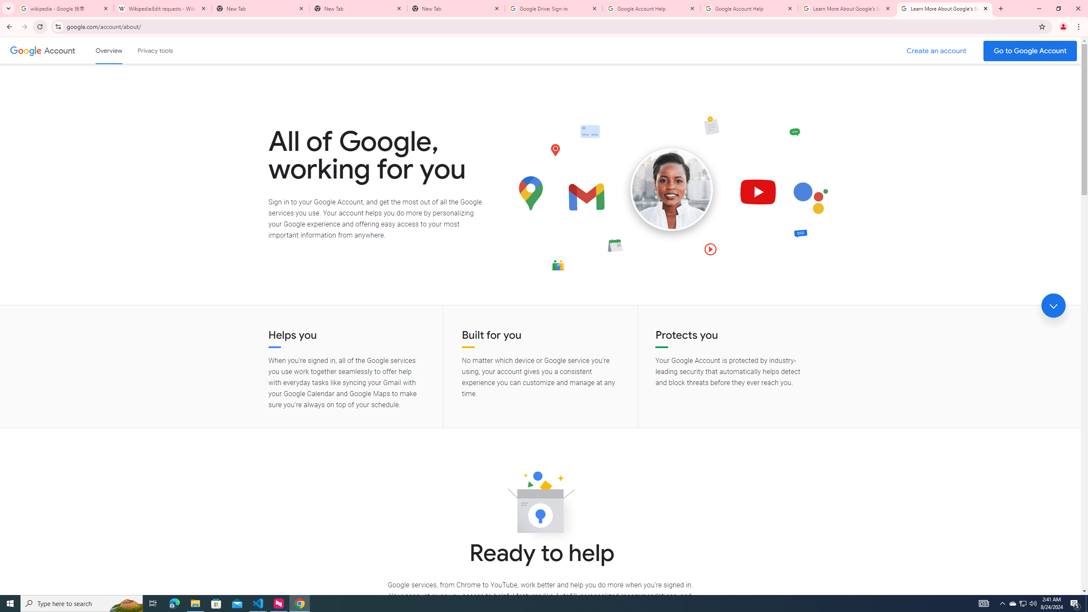  What do you see at coordinates (60, 50) in the screenshot?
I see `'Google Account'` at bounding box center [60, 50].